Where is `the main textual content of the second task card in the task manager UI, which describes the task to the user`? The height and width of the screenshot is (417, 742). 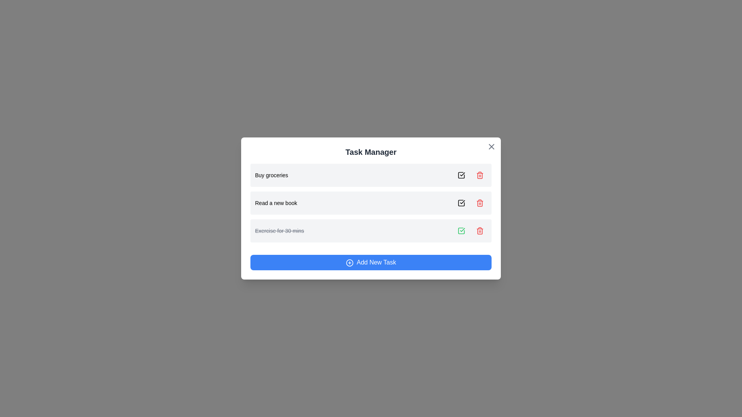 the main textual content of the second task card in the task manager UI, which describes the task to the user is located at coordinates (276, 202).